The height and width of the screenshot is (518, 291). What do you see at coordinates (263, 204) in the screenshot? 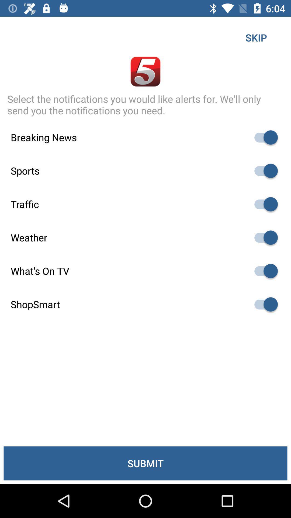
I see `traffic toggle slider` at bounding box center [263, 204].